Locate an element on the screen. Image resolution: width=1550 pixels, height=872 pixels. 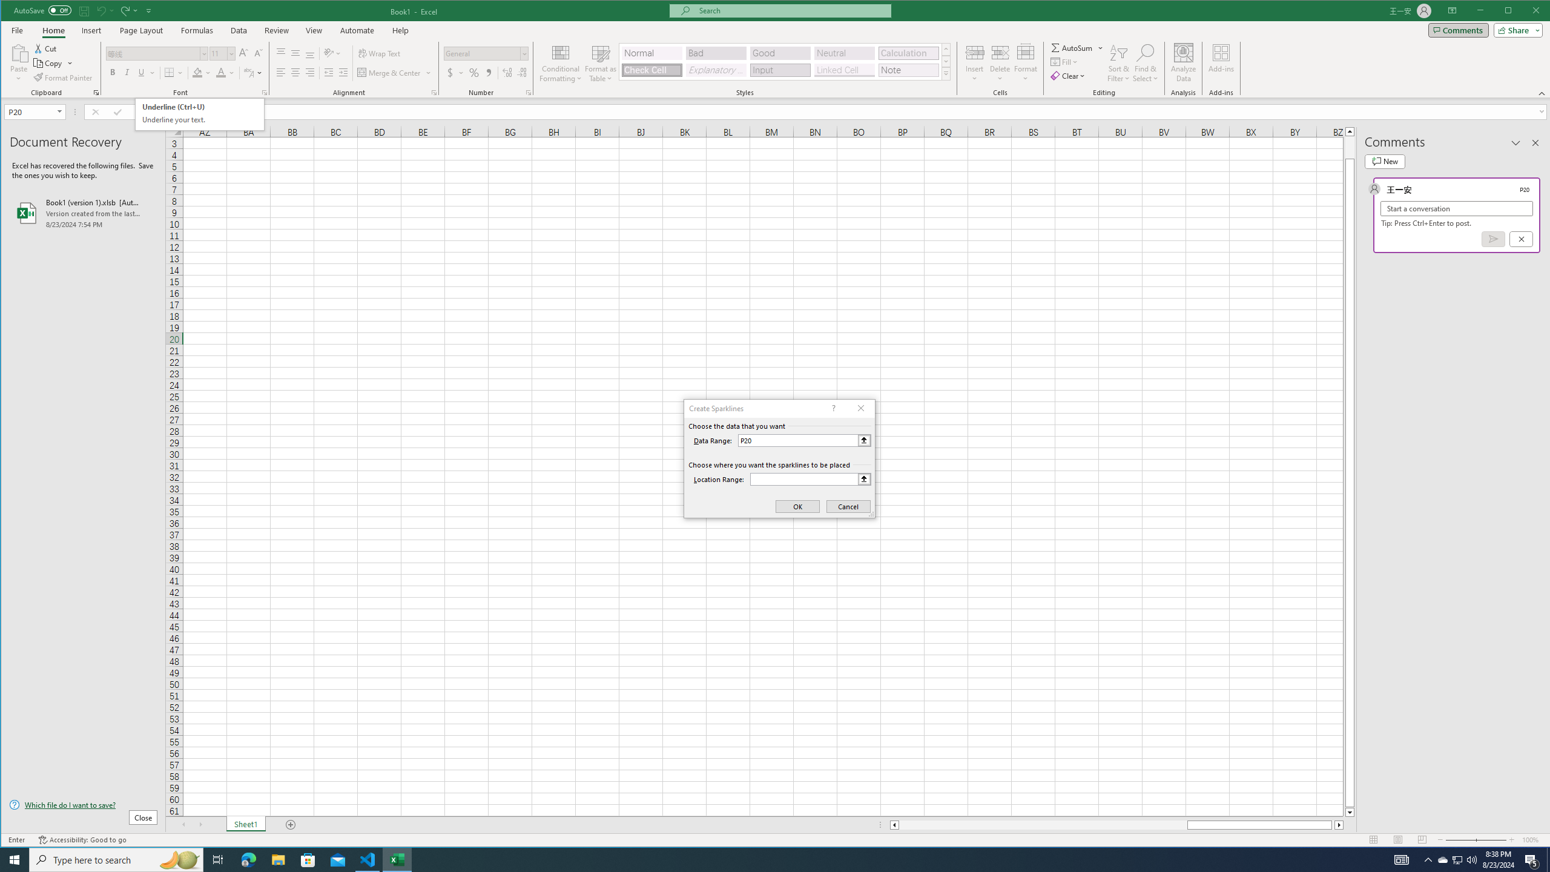
'Fill Color' is located at coordinates (202, 72).